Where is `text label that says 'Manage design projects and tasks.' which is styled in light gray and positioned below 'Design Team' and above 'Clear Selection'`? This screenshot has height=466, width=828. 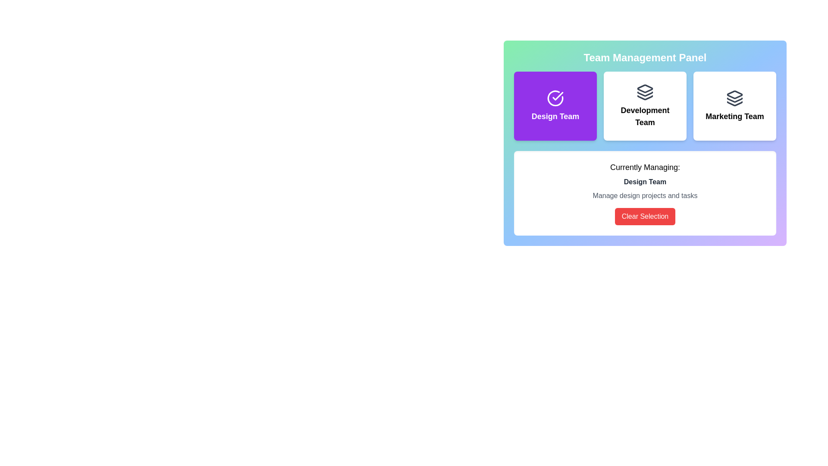
text label that says 'Manage design projects and tasks.' which is styled in light gray and positioned below 'Design Team' and above 'Clear Selection' is located at coordinates (645, 196).